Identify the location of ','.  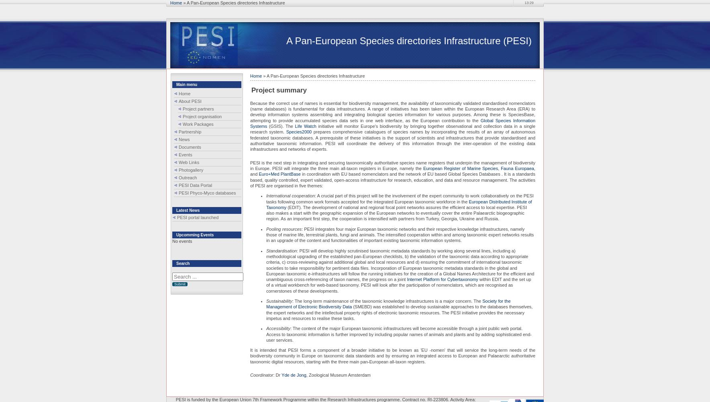
(499, 168).